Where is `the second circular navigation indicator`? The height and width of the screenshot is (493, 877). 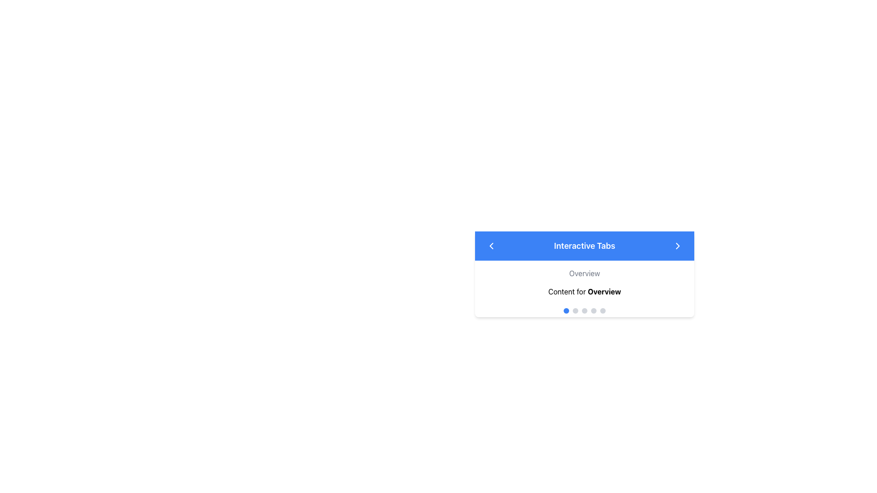 the second circular navigation indicator is located at coordinates (575, 310).